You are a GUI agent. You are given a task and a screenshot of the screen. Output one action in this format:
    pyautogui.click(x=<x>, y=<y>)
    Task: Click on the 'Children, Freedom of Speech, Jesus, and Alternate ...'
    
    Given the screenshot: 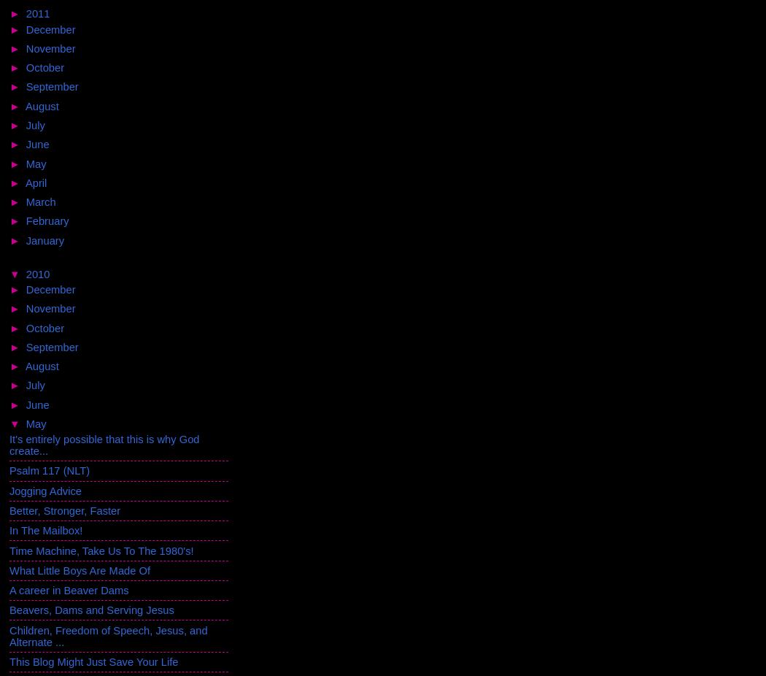 What is the action you would take?
    pyautogui.click(x=107, y=635)
    